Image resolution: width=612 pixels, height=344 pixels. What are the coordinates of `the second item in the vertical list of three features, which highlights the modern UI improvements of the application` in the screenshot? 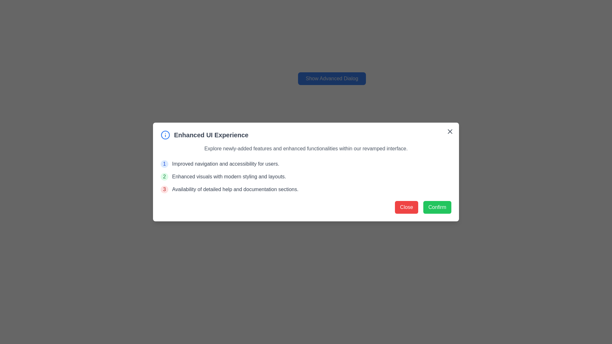 It's located at (306, 177).